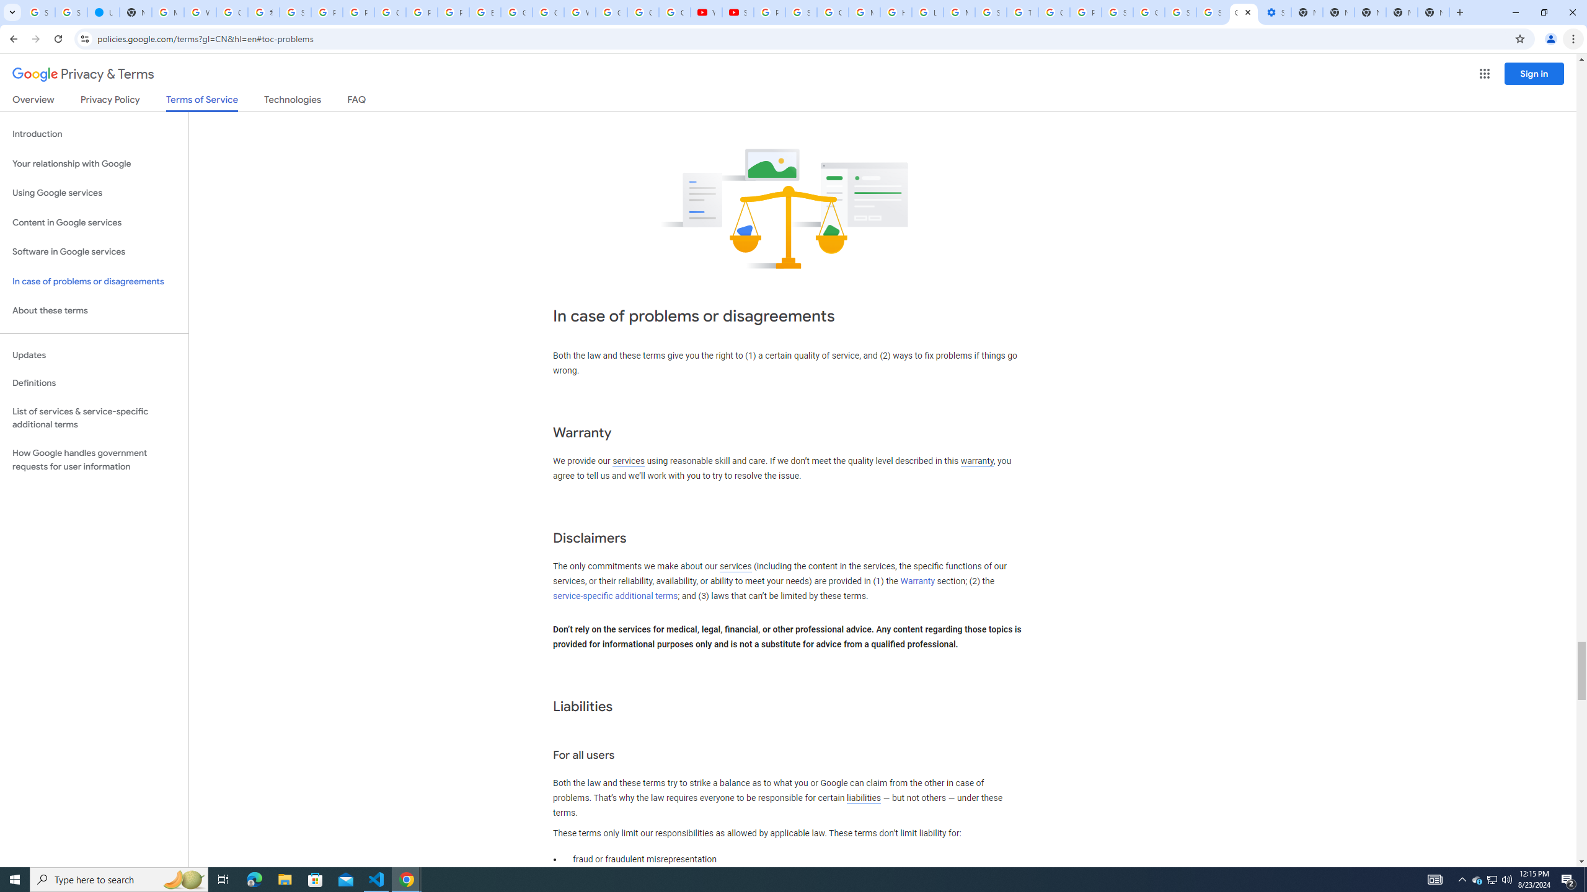 This screenshot has height=892, width=1587. I want to click on 'Edit and view right-to-left text - Google Docs Editors Help', so click(485, 12).